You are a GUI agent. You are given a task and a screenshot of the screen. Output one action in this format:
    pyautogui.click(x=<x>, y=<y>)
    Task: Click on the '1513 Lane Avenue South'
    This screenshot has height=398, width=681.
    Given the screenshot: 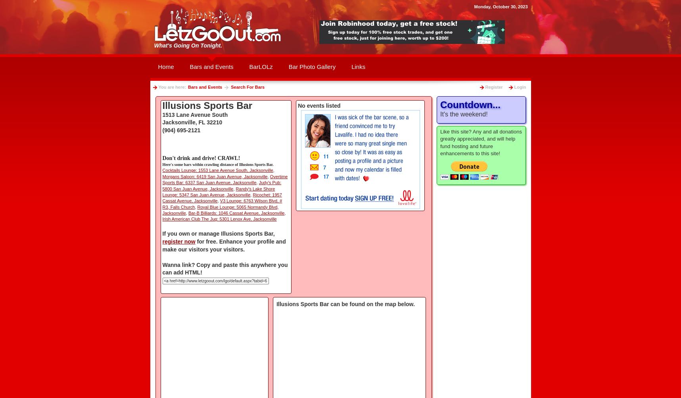 What is the action you would take?
    pyautogui.click(x=195, y=114)
    